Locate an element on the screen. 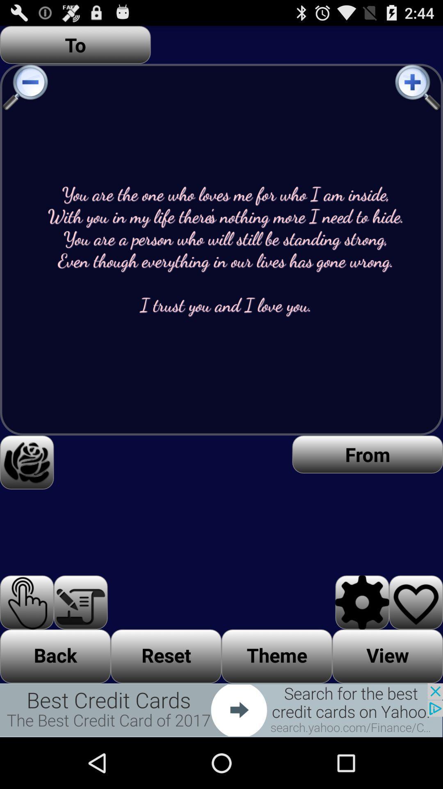 The width and height of the screenshot is (443, 789). the settings icon is located at coordinates (362, 644).